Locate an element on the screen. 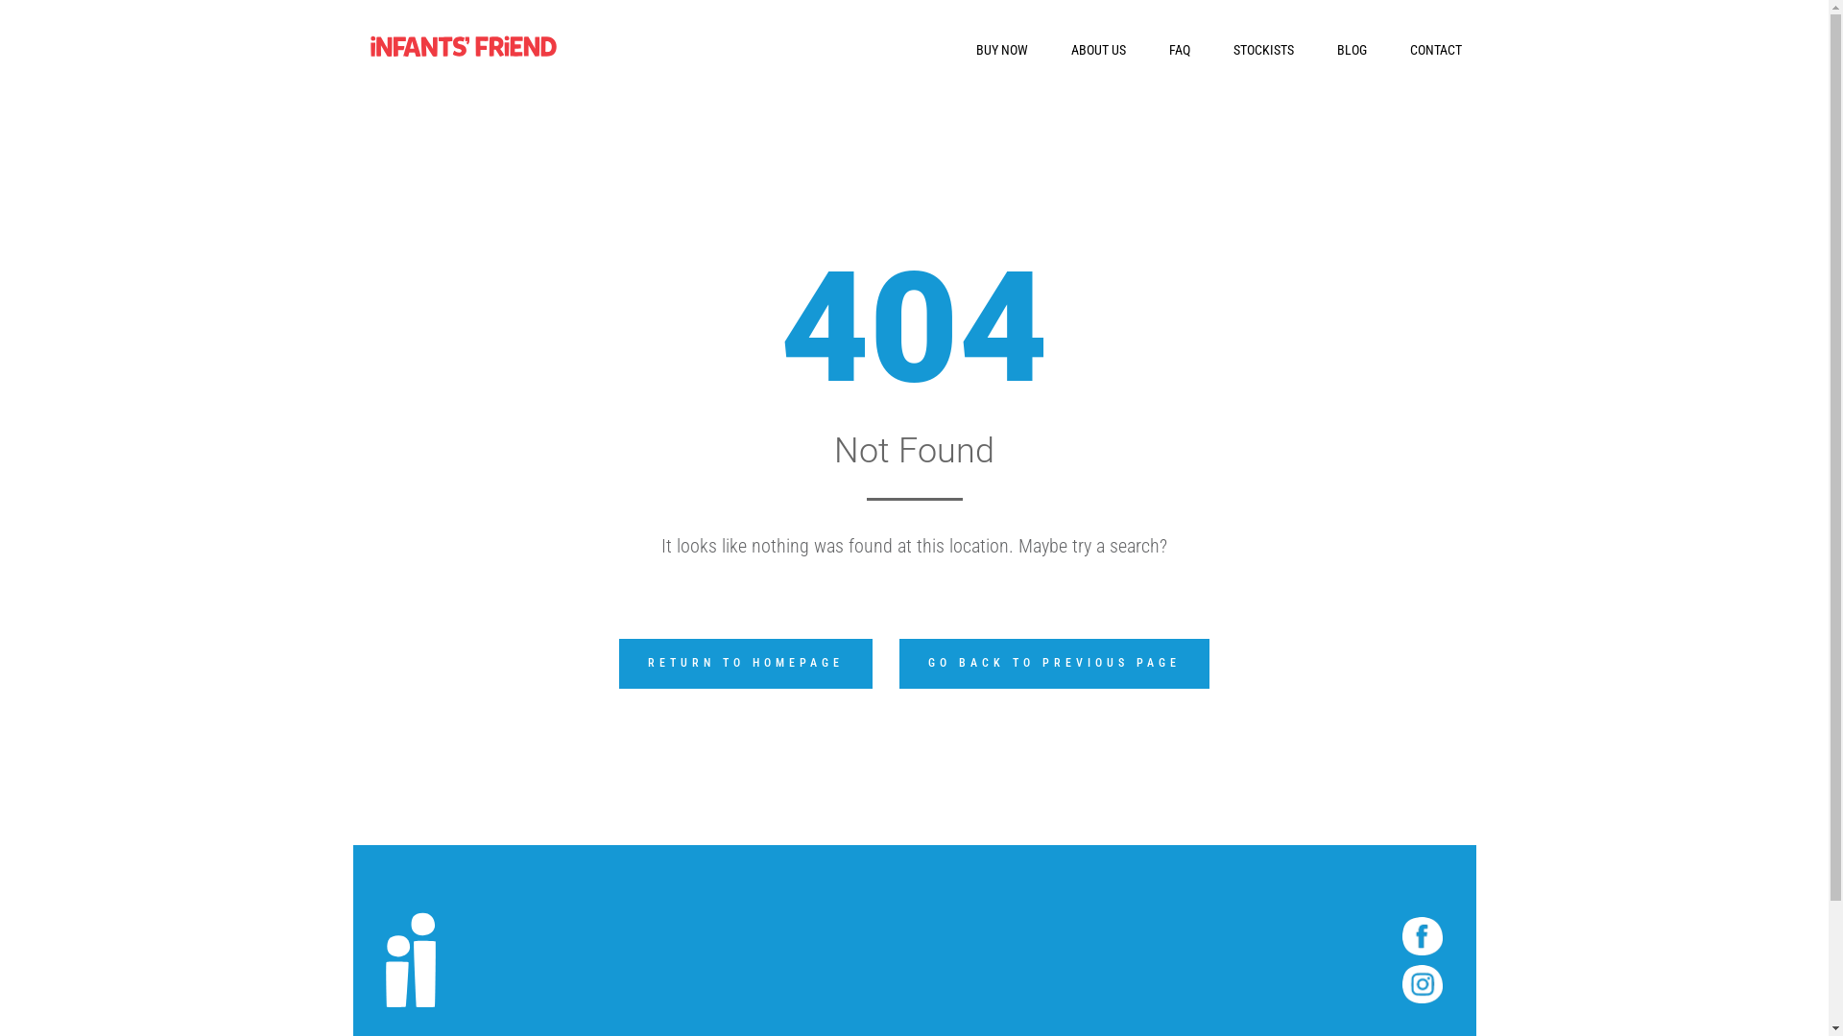  'CONTACT' is located at coordinates (1434, 48).